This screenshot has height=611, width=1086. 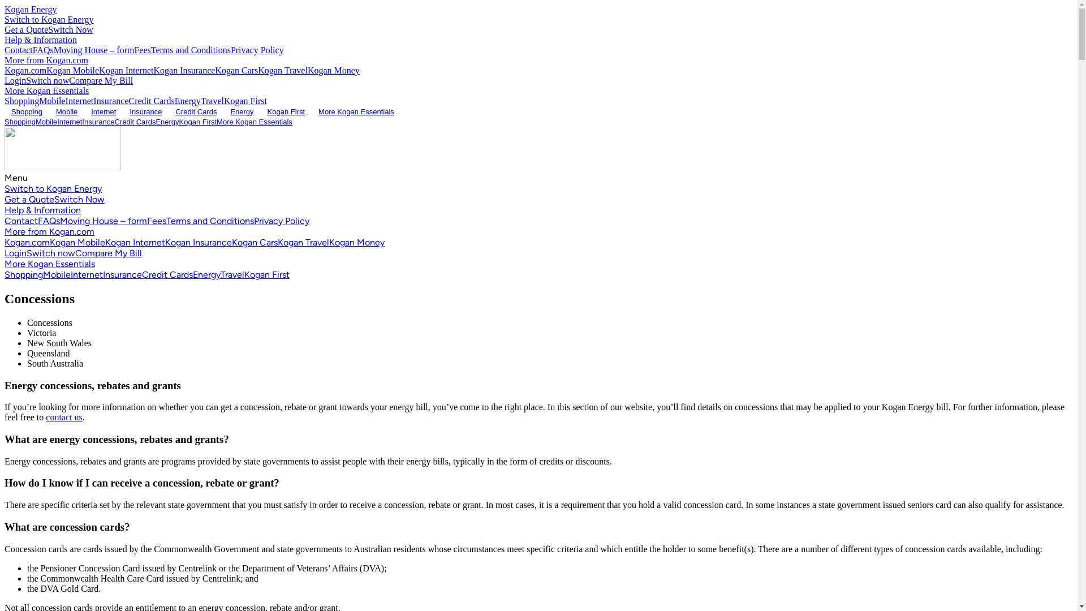 What do you see at coordinates (141, 49) in the screenshot?
I see `'Fees'` at bounding box center [141, 49].